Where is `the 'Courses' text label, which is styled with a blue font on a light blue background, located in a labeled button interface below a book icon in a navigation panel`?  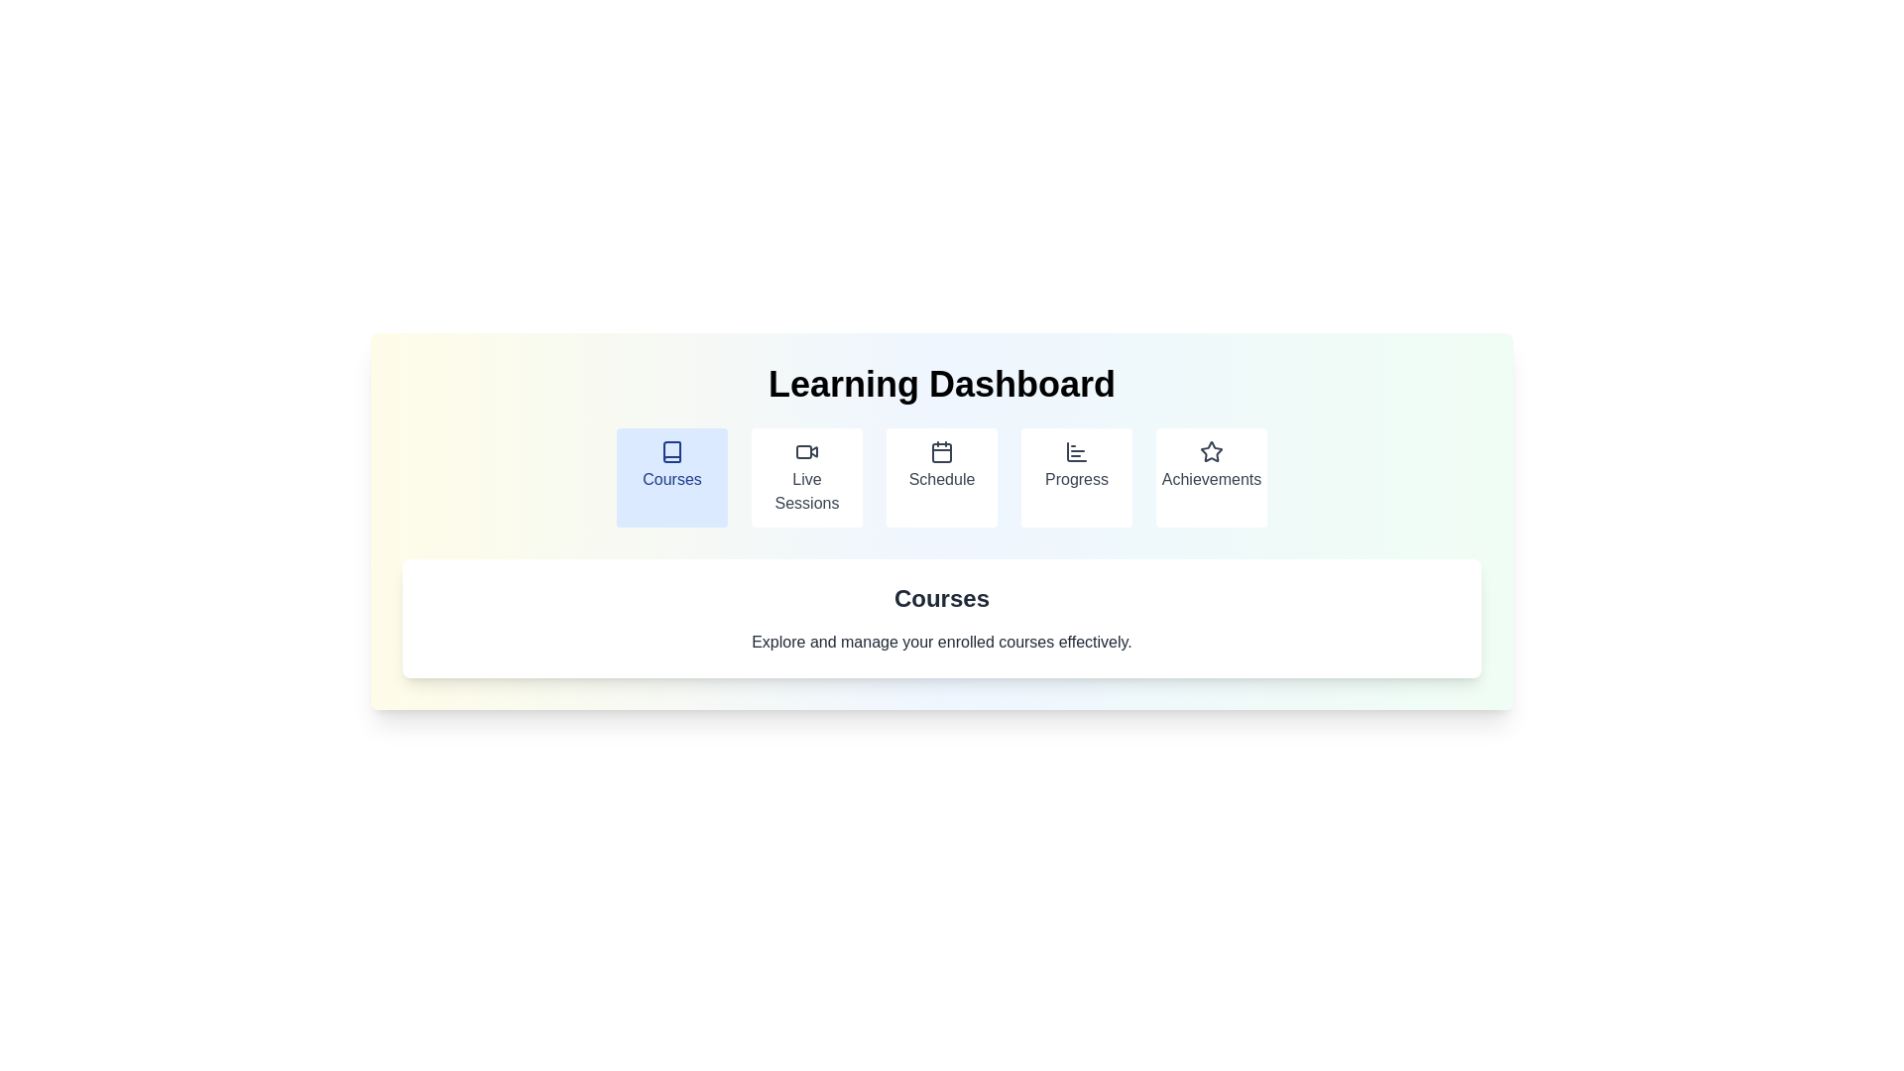 the 'Courses' text label, which is styled with a blue font on a light blue background, located in a labeled button interface below a book icon in a navigation panel is located at coordinates (671, 479).